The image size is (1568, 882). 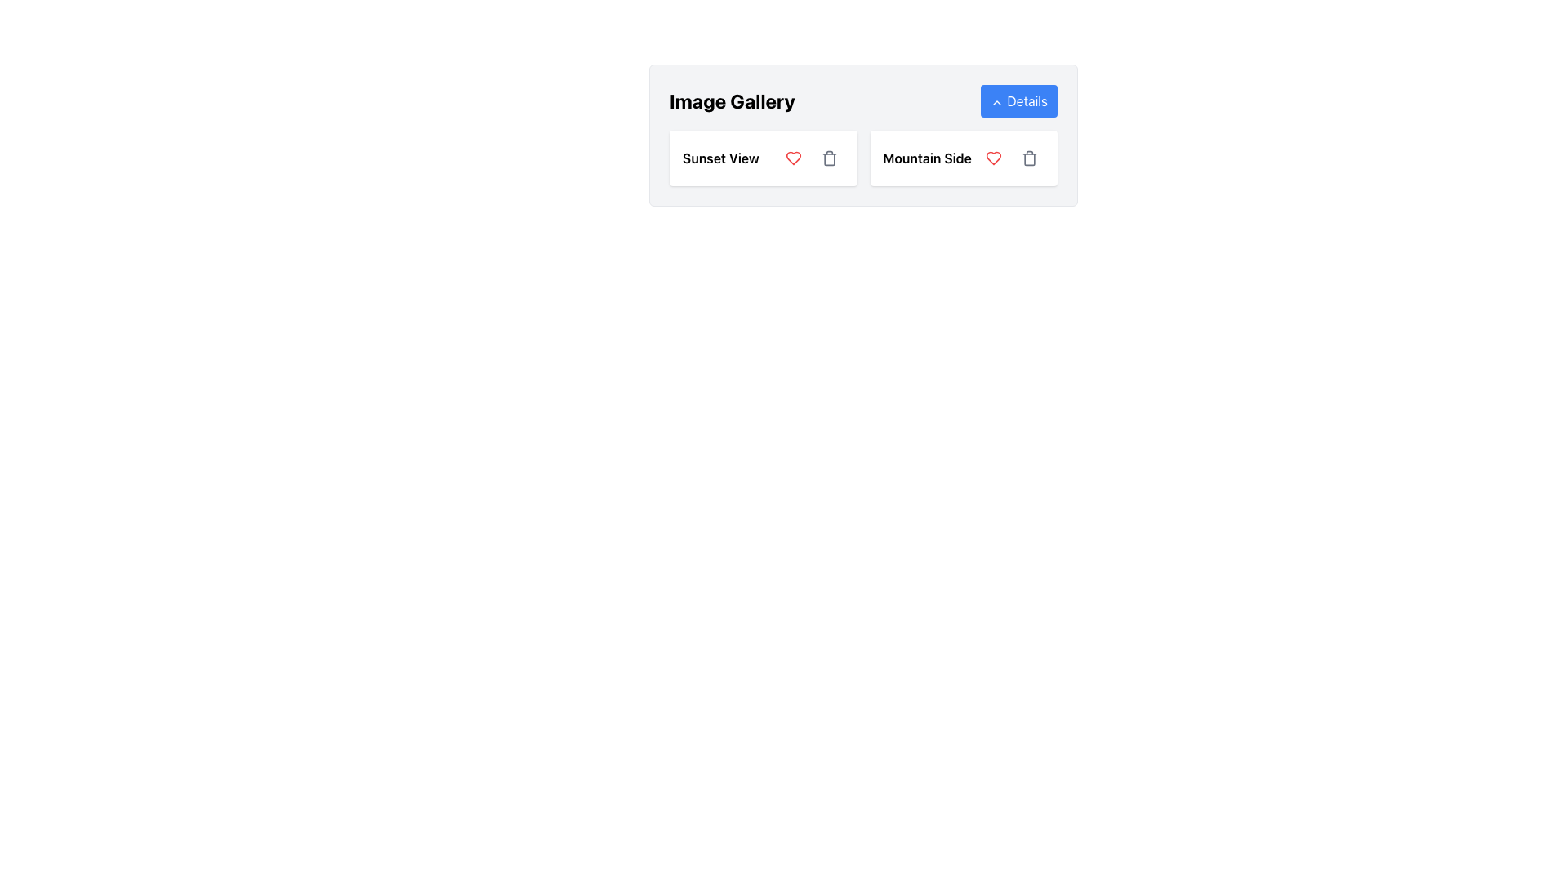 What do you see at coordinates (720, 158) in the screenshot?
I see `the text label displaying 'Sunset View', which is styled in bold and located under the 'Image Gallery' label` at bounding box center [720, 158].